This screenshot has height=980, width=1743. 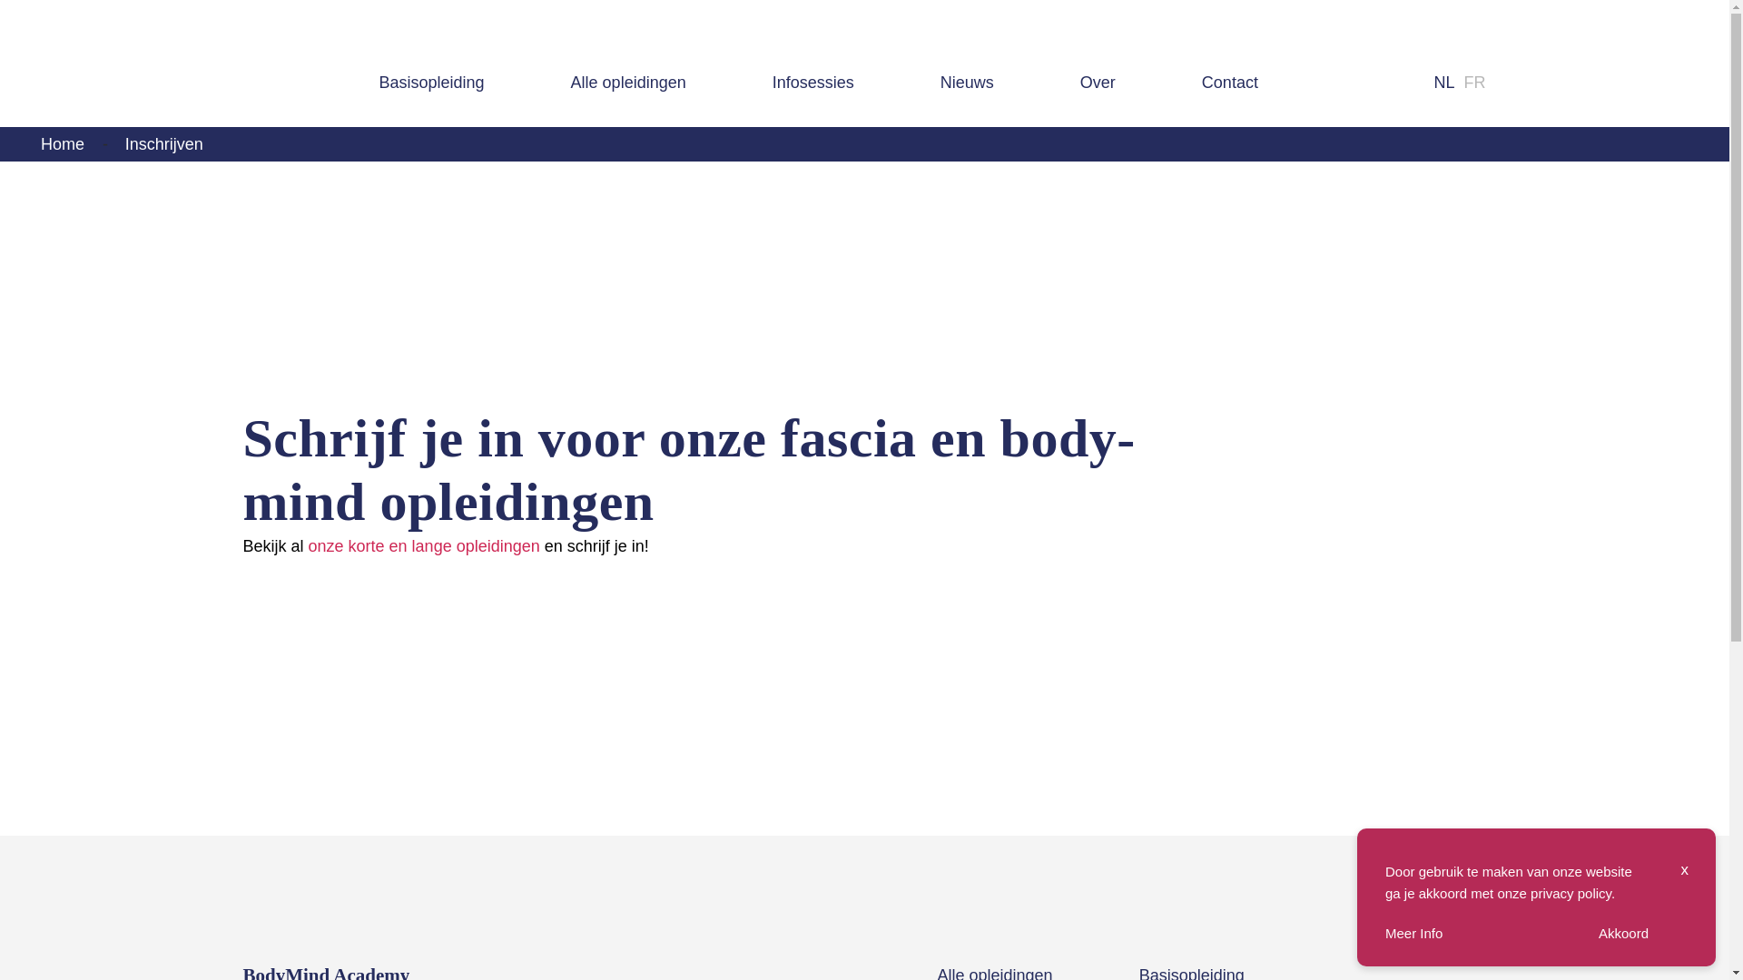 What do you see at coordinates (62, 142) in the screenshot?
I see `'Home'` at bounding box center [62, 142].